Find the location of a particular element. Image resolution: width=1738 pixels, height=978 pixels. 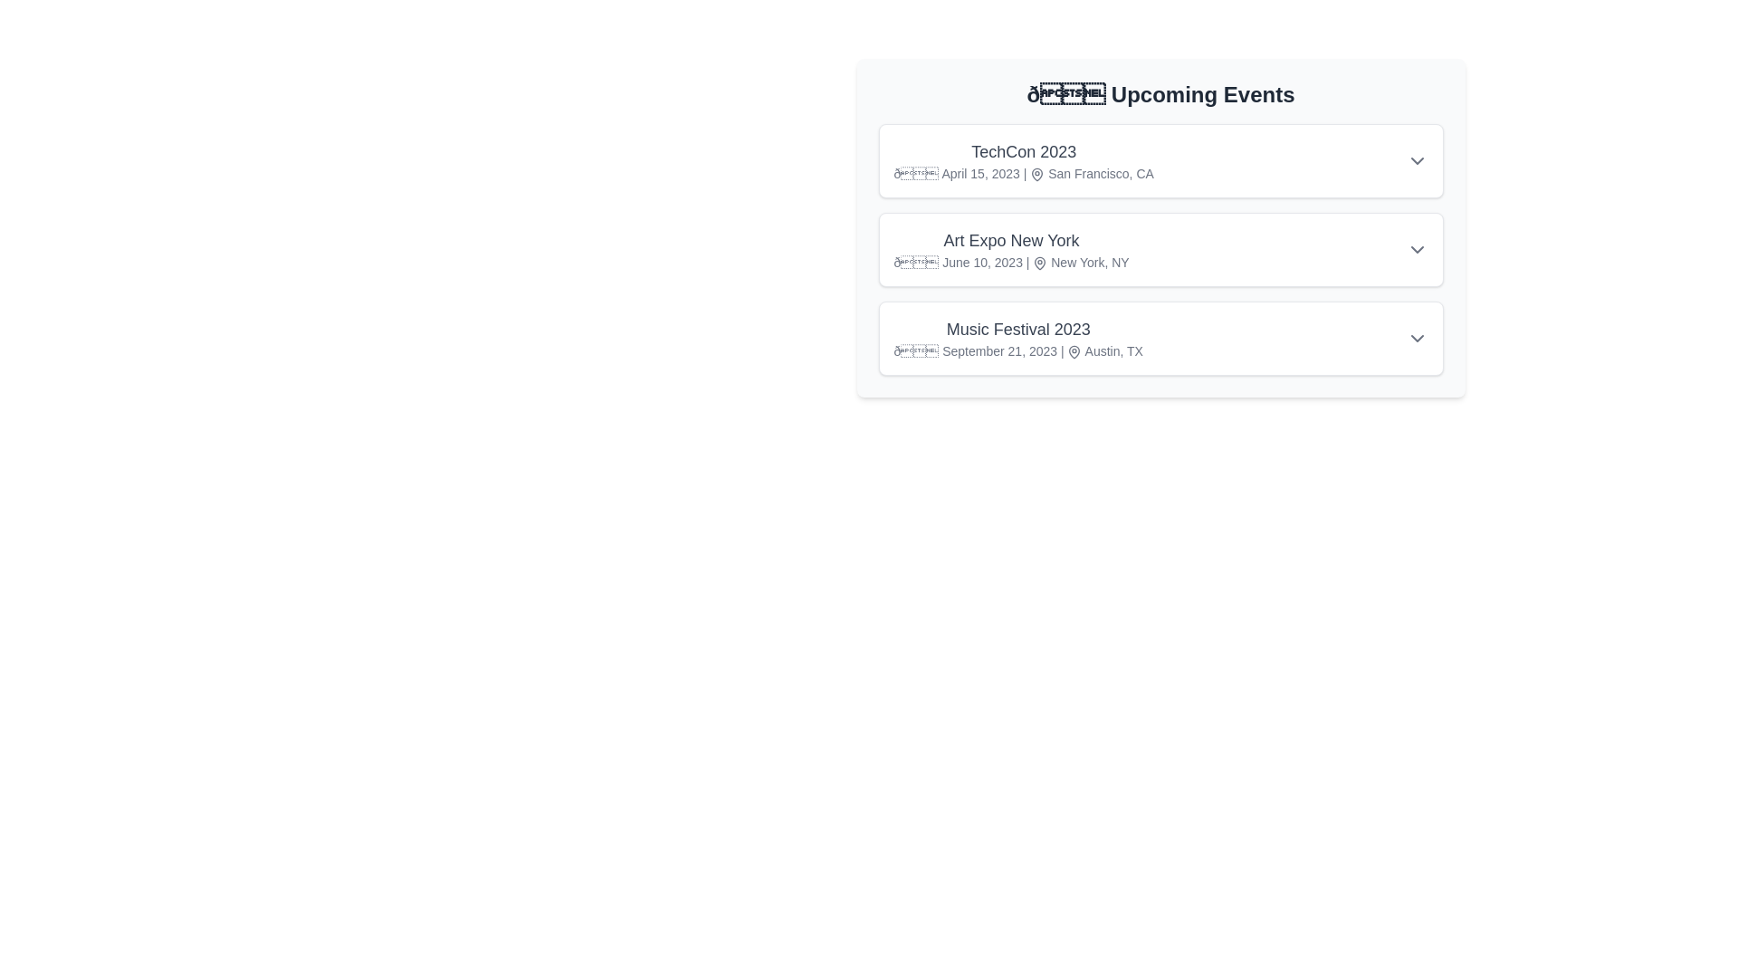

the event title TechCon 2023 to toggle its details is located at coordinates (1024, 151).